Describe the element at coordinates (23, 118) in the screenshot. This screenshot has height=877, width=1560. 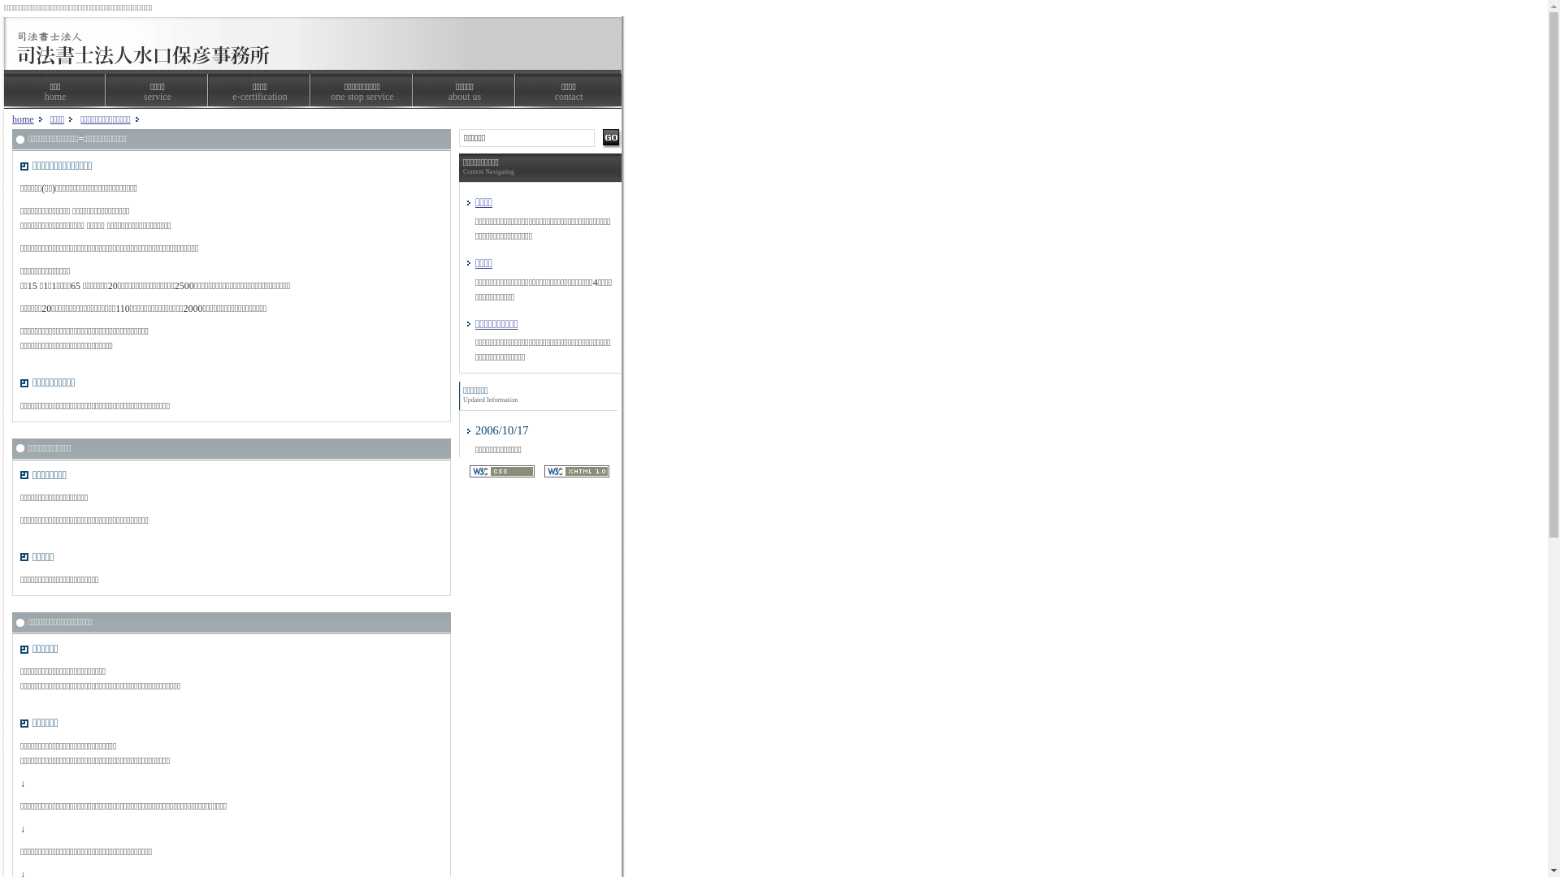
I see `'home'` at that location.